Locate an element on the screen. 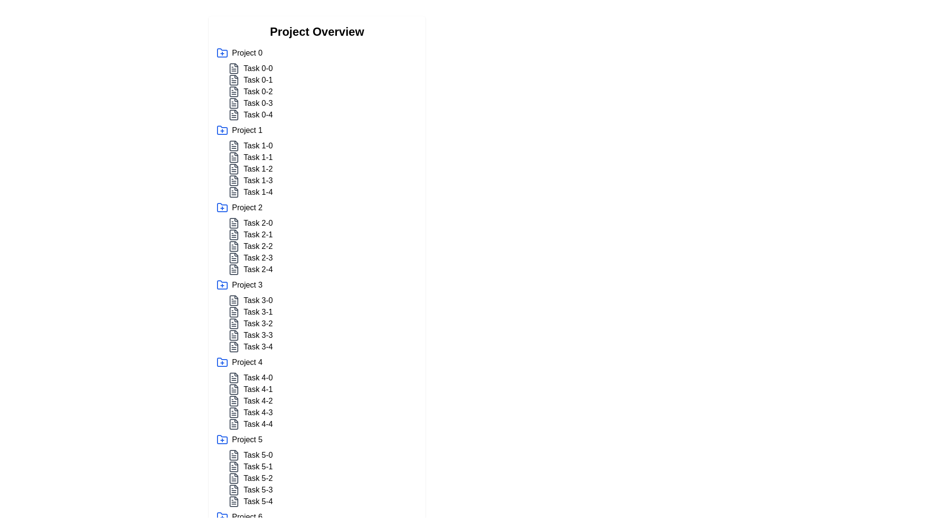  the icon representing 'Task 3-3' in the project overview interface, which is located under 'Project 3' and is the fourth task listed is located at coordinates (234, 335).